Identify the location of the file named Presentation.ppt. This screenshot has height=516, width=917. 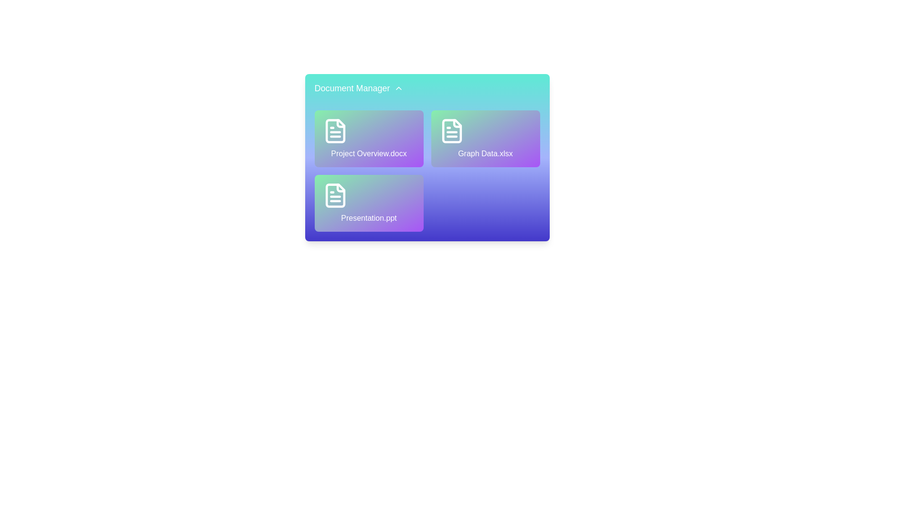
(368, 203).